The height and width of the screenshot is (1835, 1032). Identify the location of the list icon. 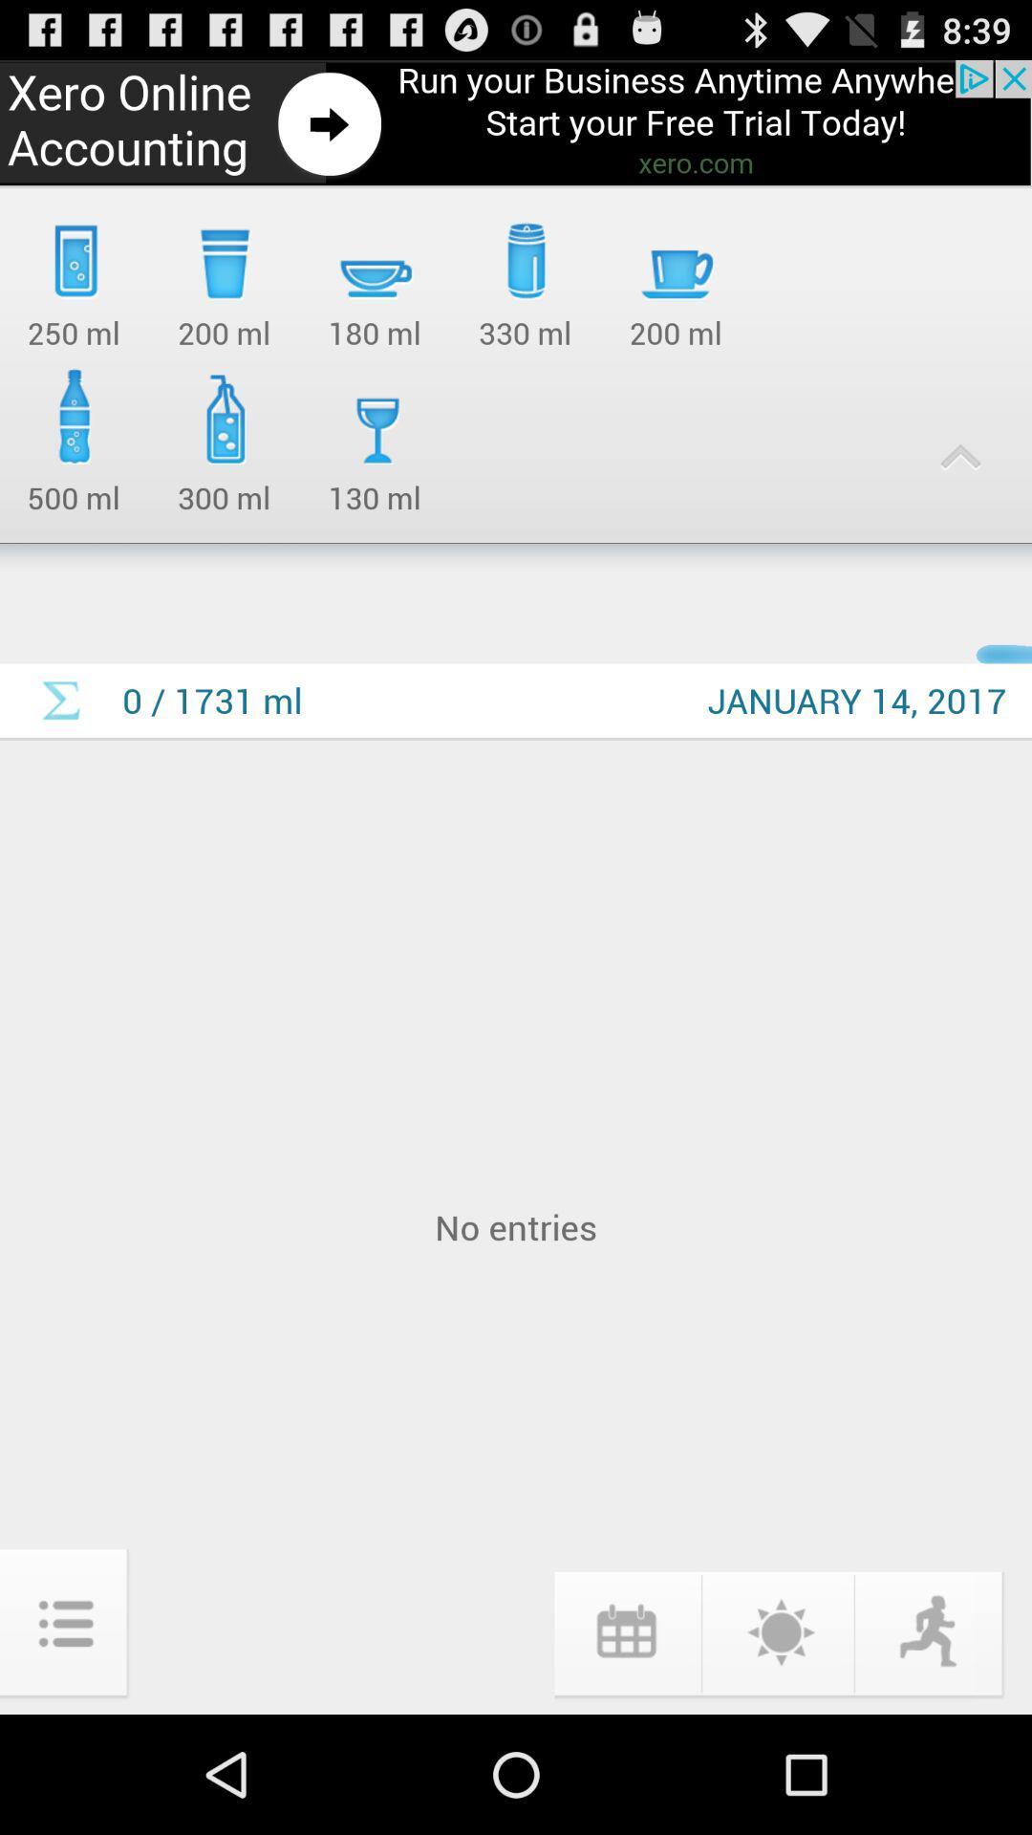
(65, 1739).